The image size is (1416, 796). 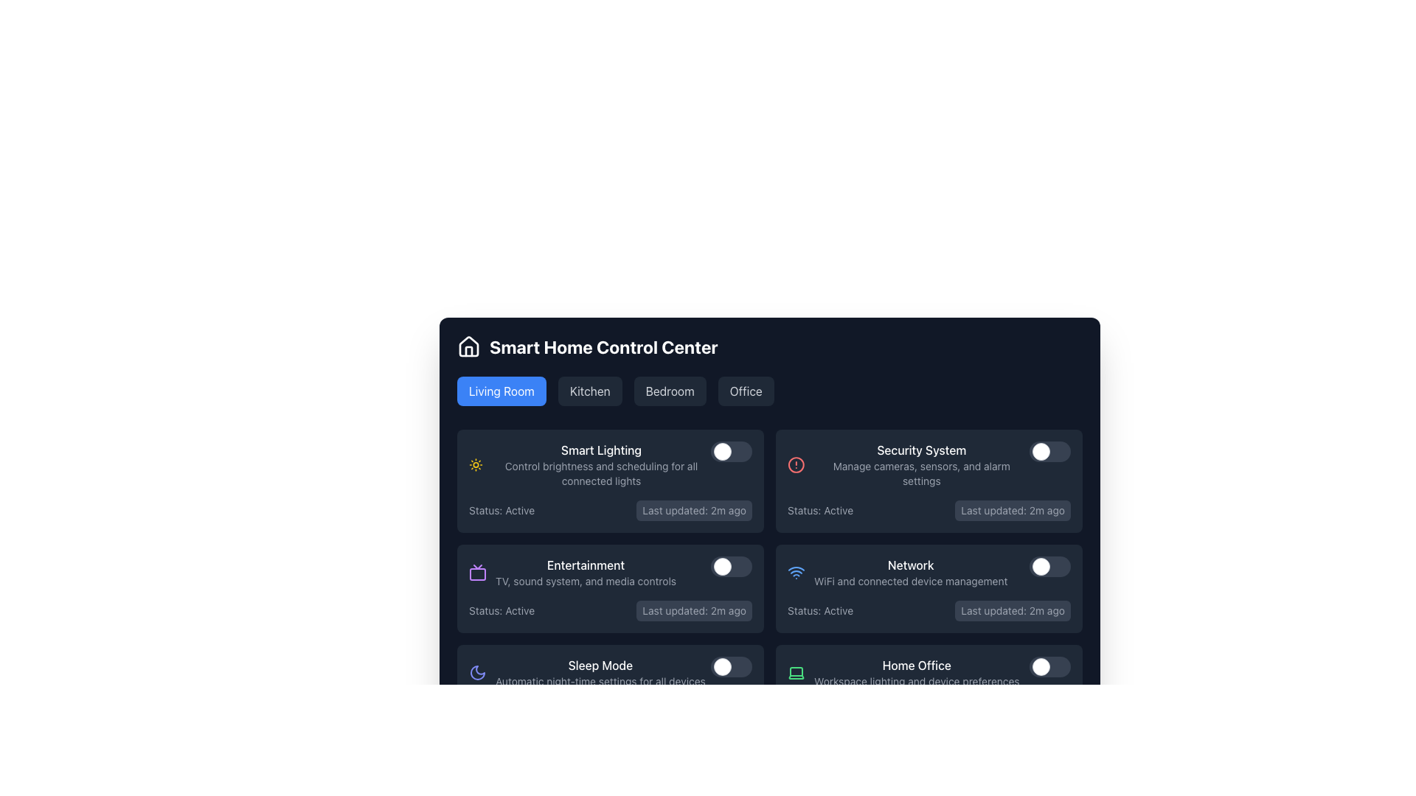 What do you see at coordinates (590, 465) in the screenshot?
I see `textual content of the Text display block with an icon describing smart lighting control located in the first row of the second column in the Living Room section of the Smart Home Control Center` at bounding box center [590, 465].